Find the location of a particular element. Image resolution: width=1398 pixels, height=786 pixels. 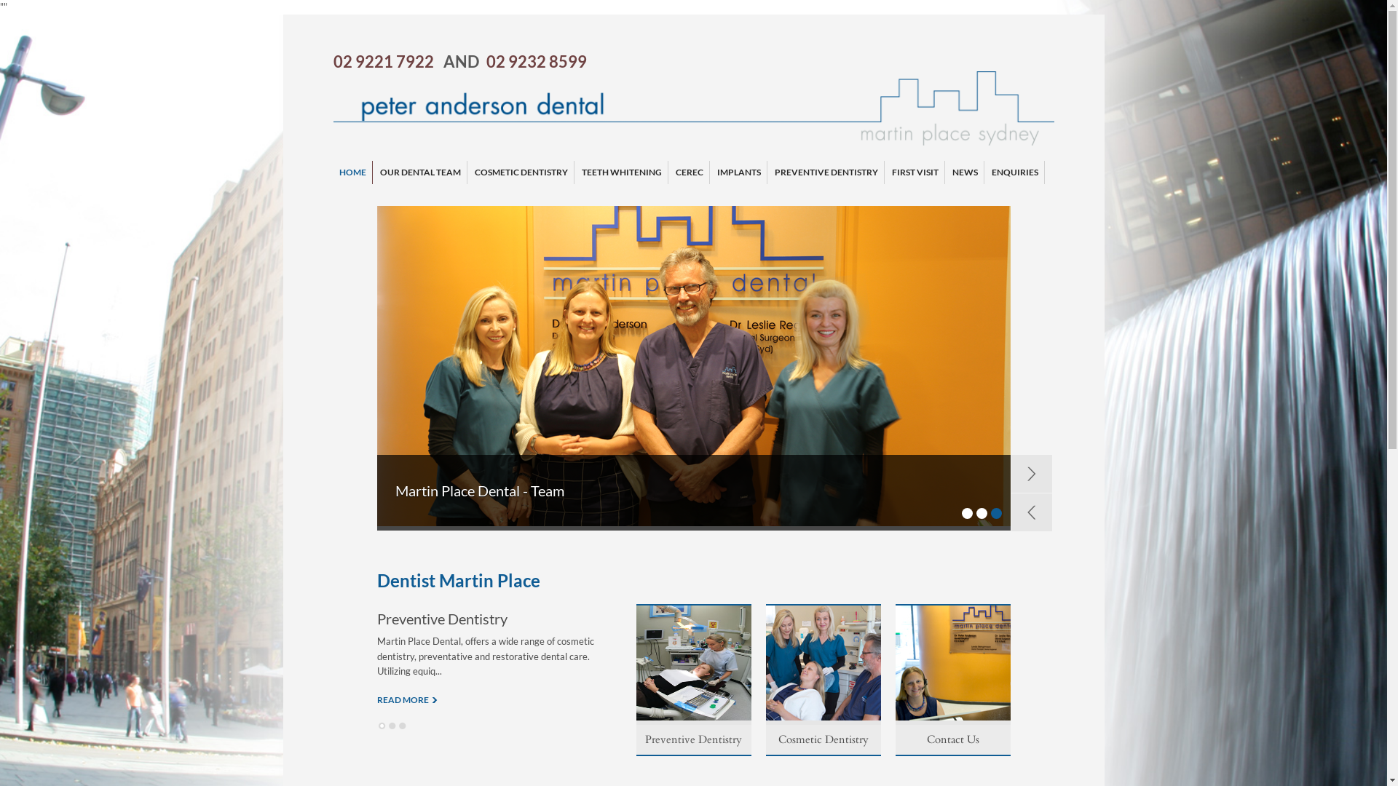

'02 9232 8599' is located at coordinates (536, 60).